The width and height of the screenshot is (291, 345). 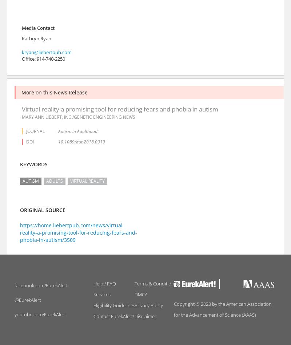 What do you see at coordinates (30, 141) in the screenshot?
I see `'DOI'` at bounding box center [30, 141].